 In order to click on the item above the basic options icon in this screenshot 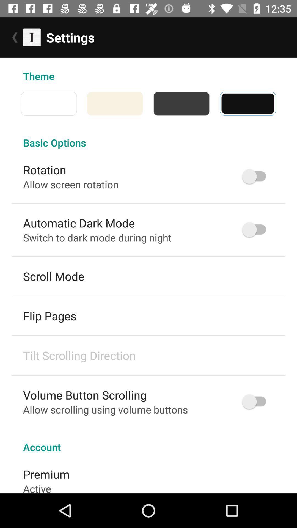, I will do `click(15, 103)`.